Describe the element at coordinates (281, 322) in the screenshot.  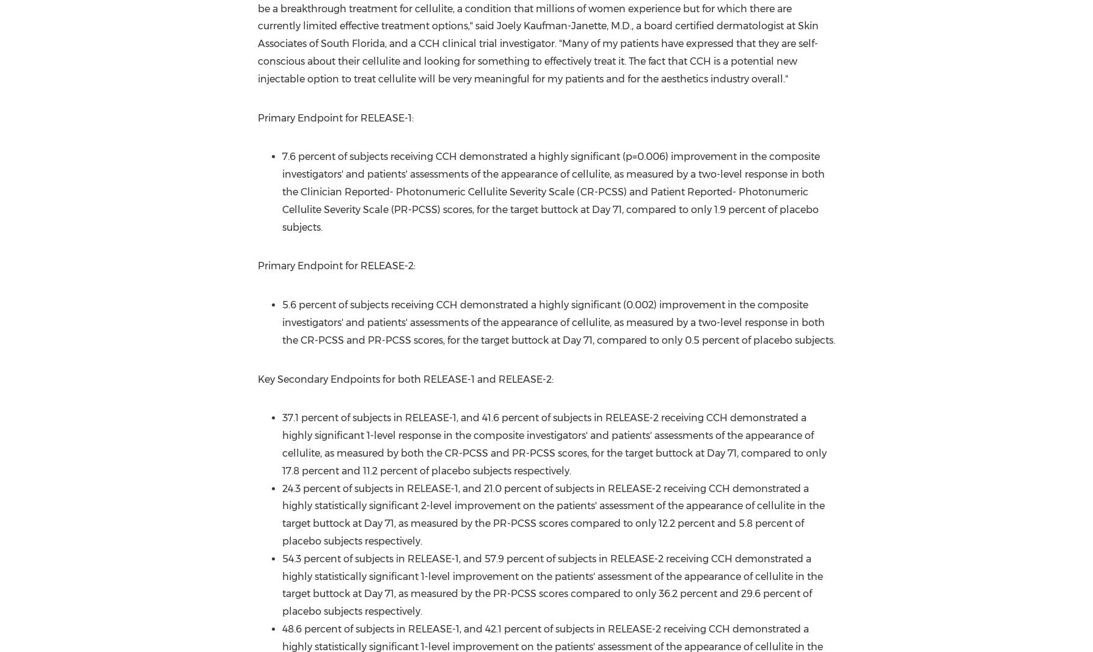
I see `'5.6 percent of subjects receiving CCH demonstrated a highly significant (0.002) improvement in the composite investigators' and patients' assessments of the appearance of cellulite, as measured by a two-level response in both the CR-PCSS and PR-PCSS scores, for the target buttock at Day 71, compared to only 0.5 percent of placebo subjects.'` at that location.